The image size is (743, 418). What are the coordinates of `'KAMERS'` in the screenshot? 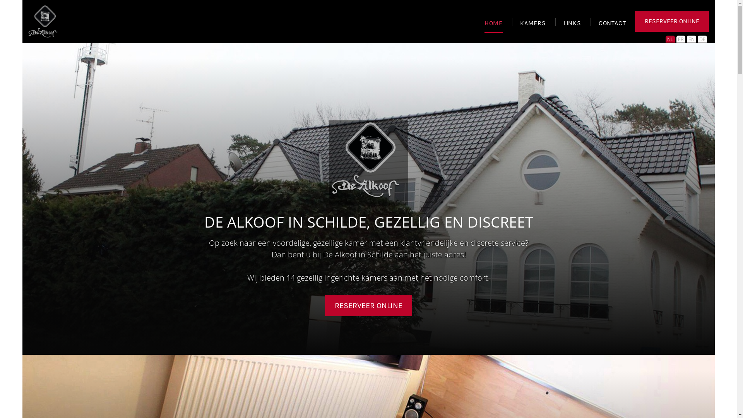 It's located at (532, 26).